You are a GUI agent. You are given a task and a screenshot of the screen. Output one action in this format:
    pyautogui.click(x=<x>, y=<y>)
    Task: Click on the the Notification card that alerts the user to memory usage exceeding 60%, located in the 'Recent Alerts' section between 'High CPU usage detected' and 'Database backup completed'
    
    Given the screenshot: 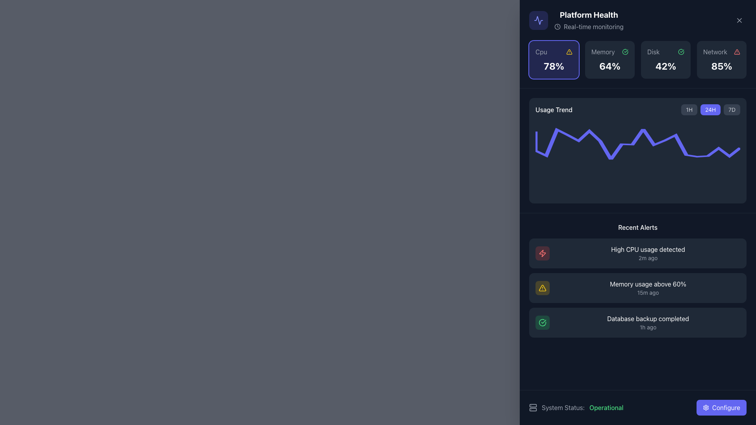 What is the action you would take?
    pyautogui.click(x=638, y=288)
    